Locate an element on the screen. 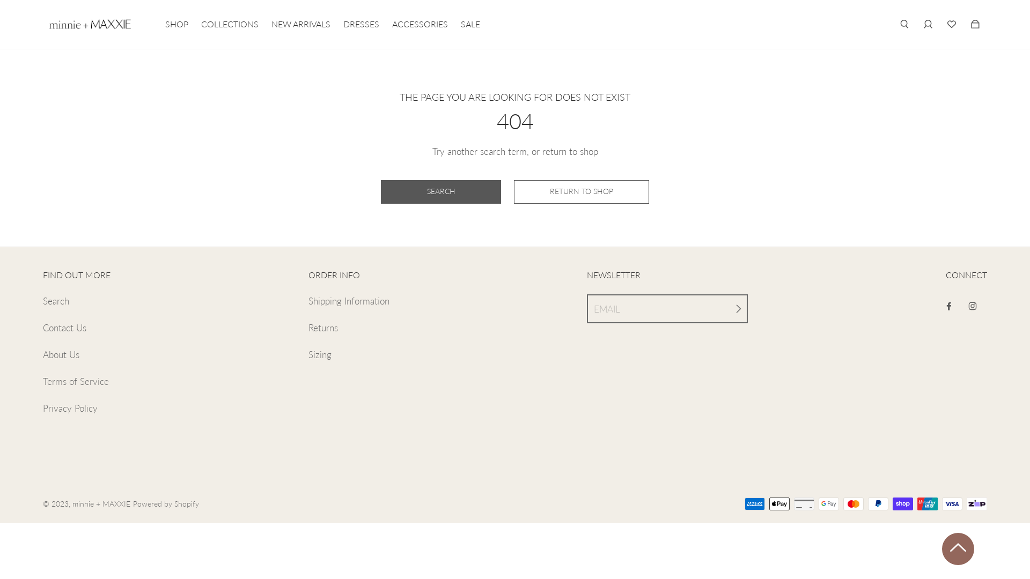 The height and width of the screenshot is (579, 1030). 'SHOP' is located at coordinates (176, 24).